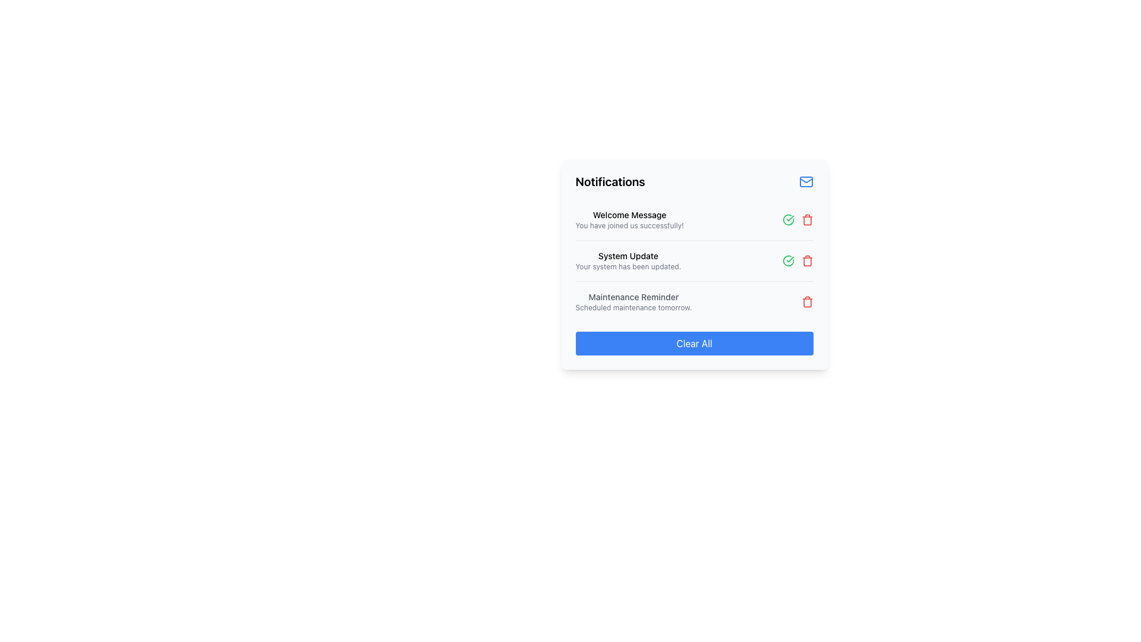 The image size is (1141, 642). Describe the element at coordinates (628, 256) in the screenshot. I see `the Text label that serves as the heading for the system update notification, positioned between the 'Welcome Message' and 'Maintenance Reminder'` at that location.